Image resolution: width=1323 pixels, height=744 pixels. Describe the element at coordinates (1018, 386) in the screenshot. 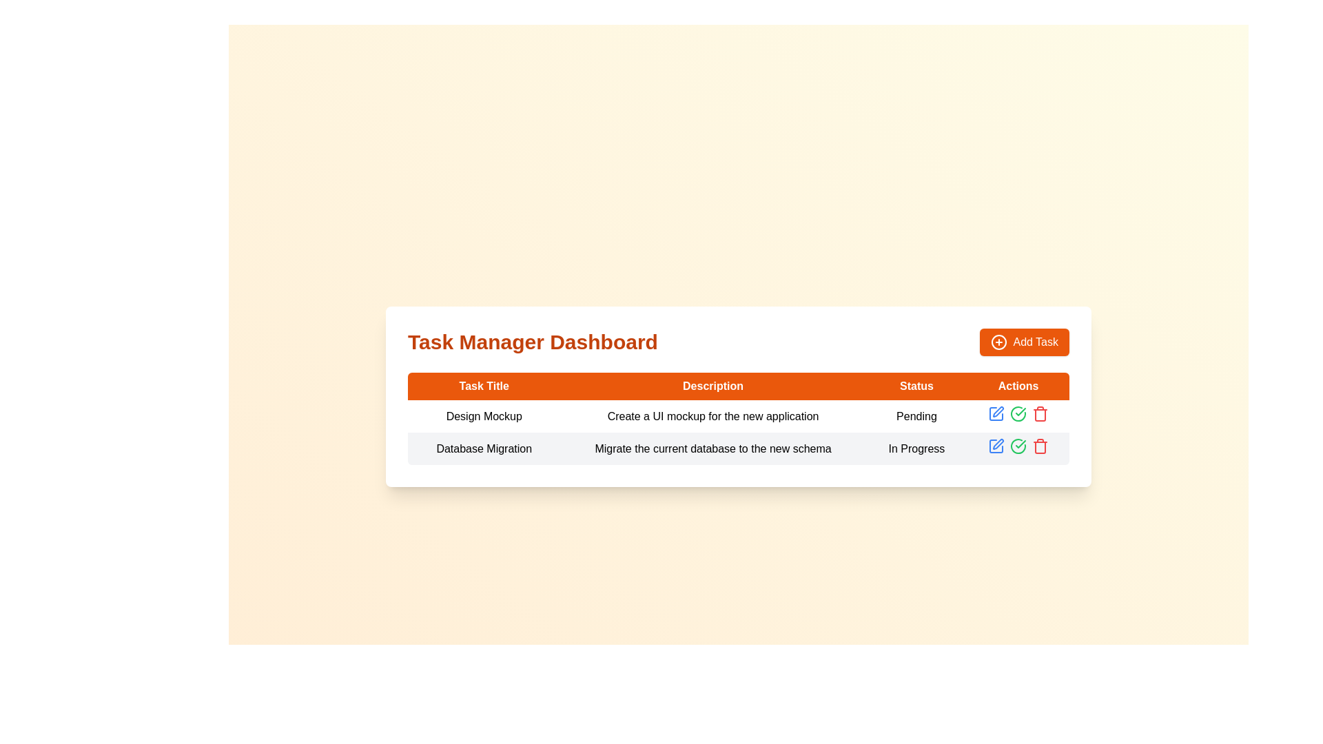

I see `the Table Header Cell with the orange background and the centered white text 'Actions'` at that location.